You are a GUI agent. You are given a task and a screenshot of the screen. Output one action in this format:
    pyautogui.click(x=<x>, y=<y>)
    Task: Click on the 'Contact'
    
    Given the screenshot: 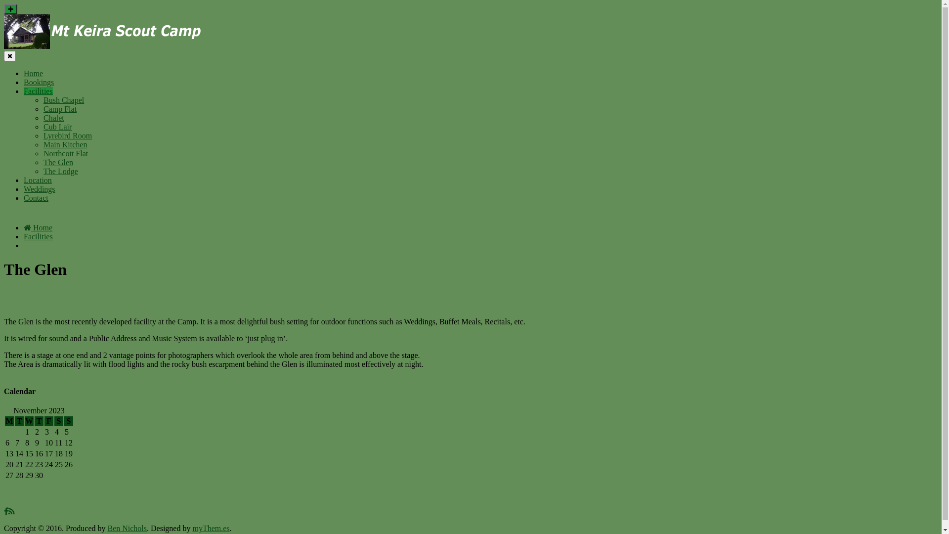 What is the action you would take?
    pyautogui.click(x=36, y=198)
    